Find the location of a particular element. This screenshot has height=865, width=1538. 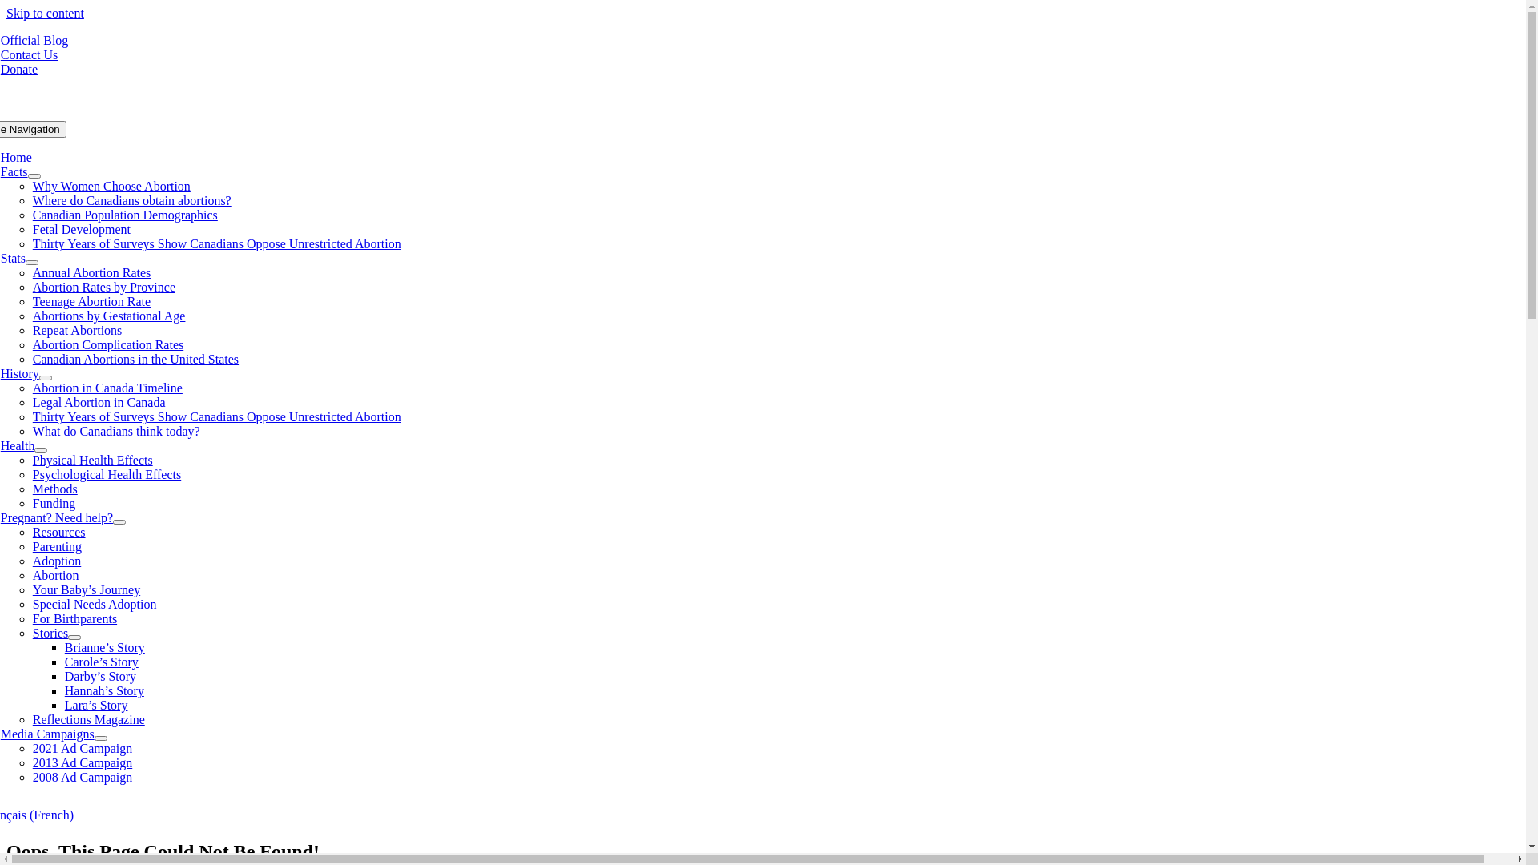

'2013 Ad Campaign' is located at coordinates (81, 762).